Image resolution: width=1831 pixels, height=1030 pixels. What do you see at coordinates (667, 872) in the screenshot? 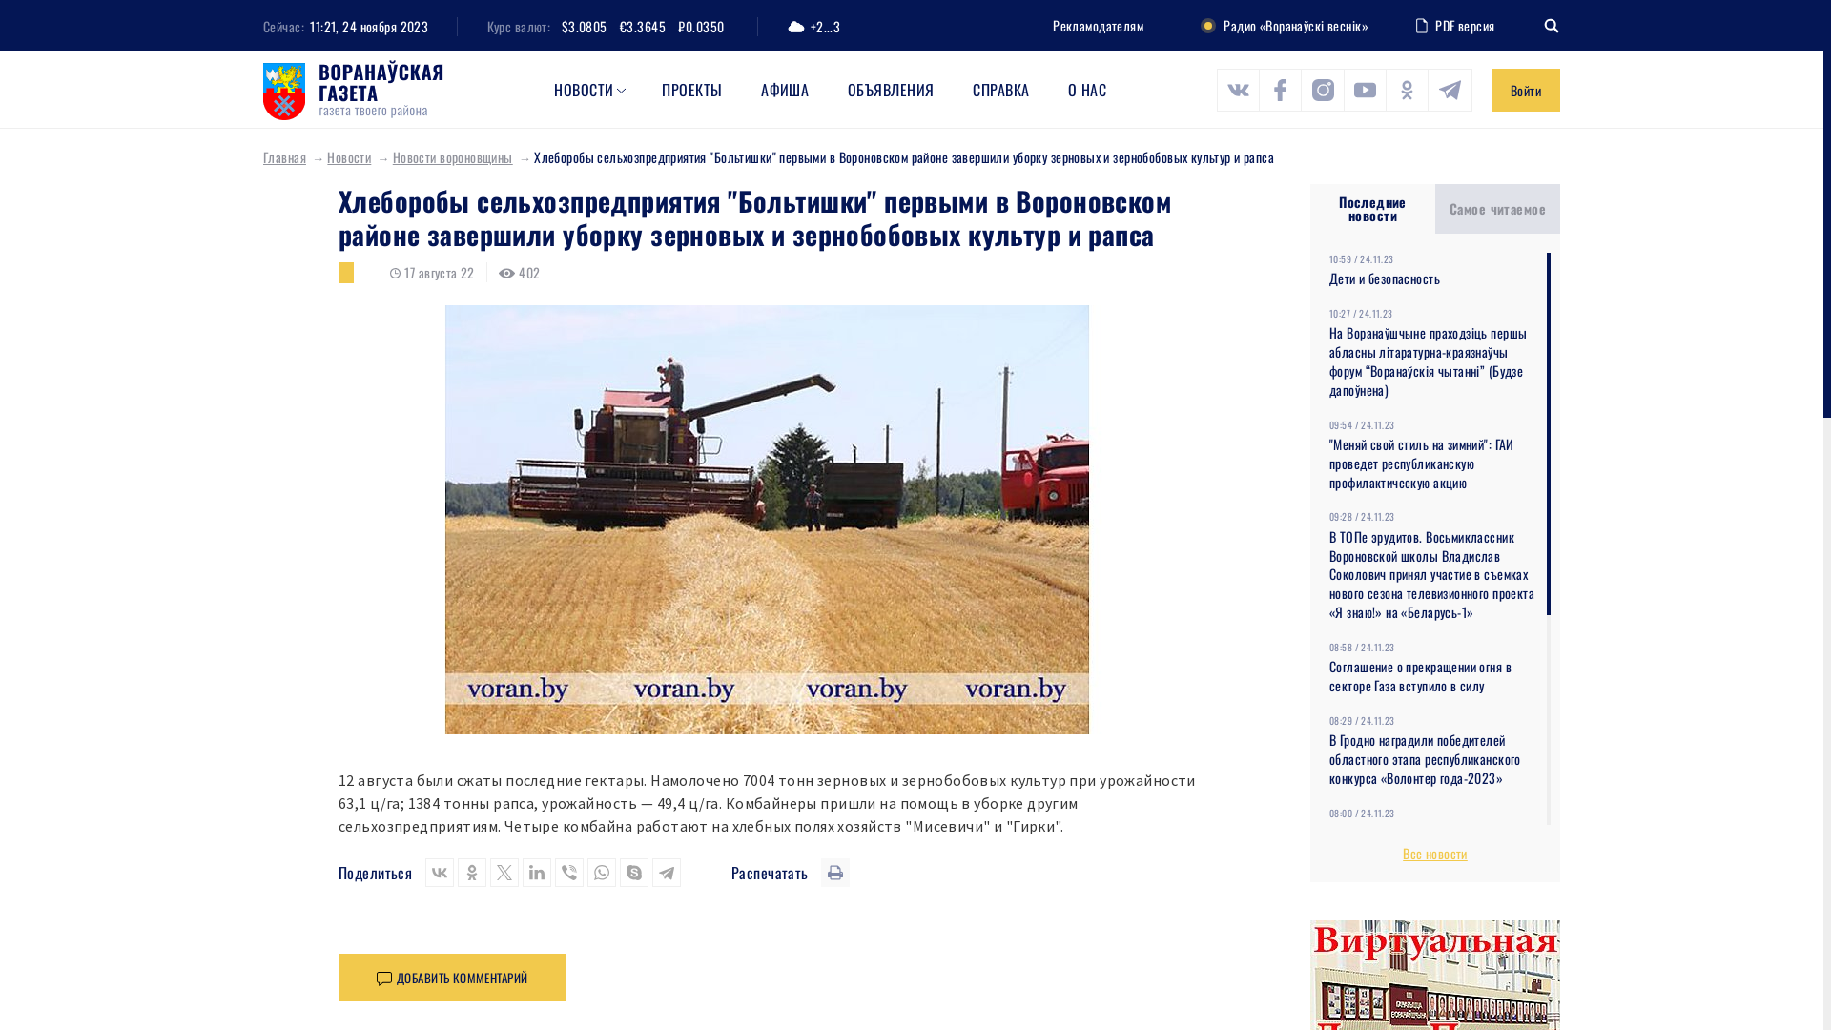
I see `'Telegram'` at bounding box center [667, 872].